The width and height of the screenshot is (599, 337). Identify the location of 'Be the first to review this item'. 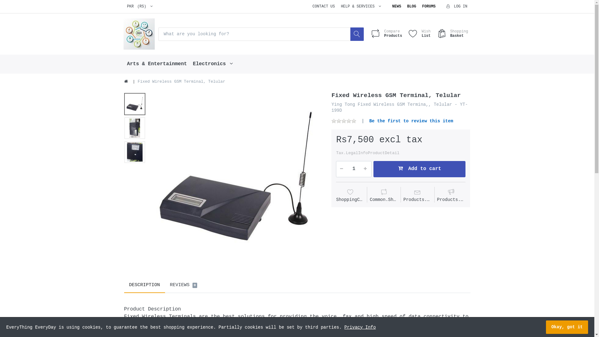
(411, 121).